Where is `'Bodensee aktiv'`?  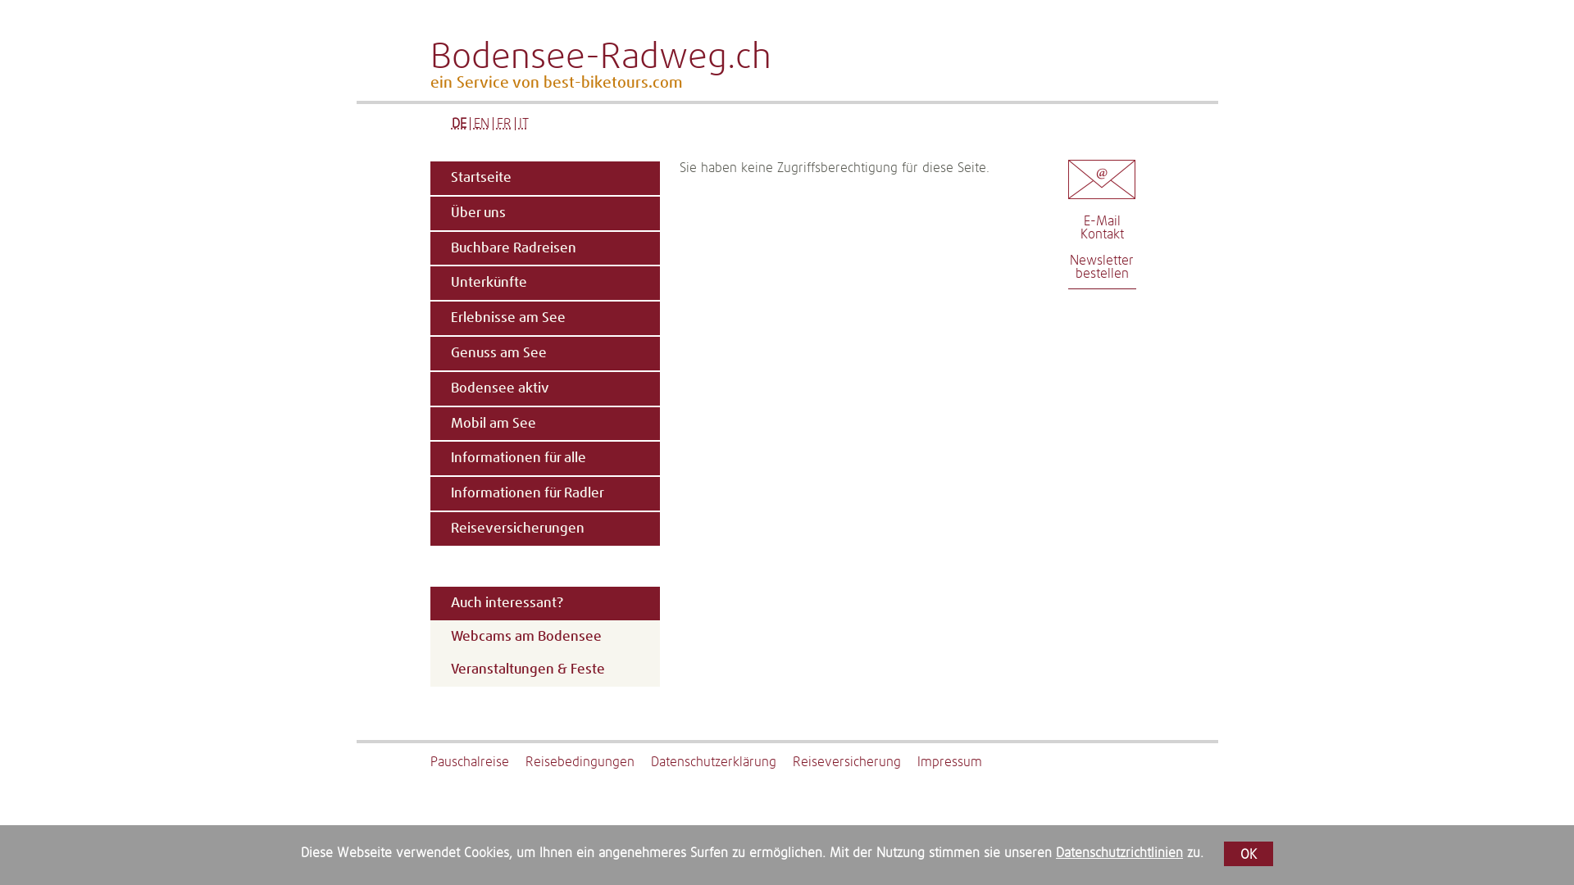
'Bodensee aktiv' is located at coordinates (543, 388).